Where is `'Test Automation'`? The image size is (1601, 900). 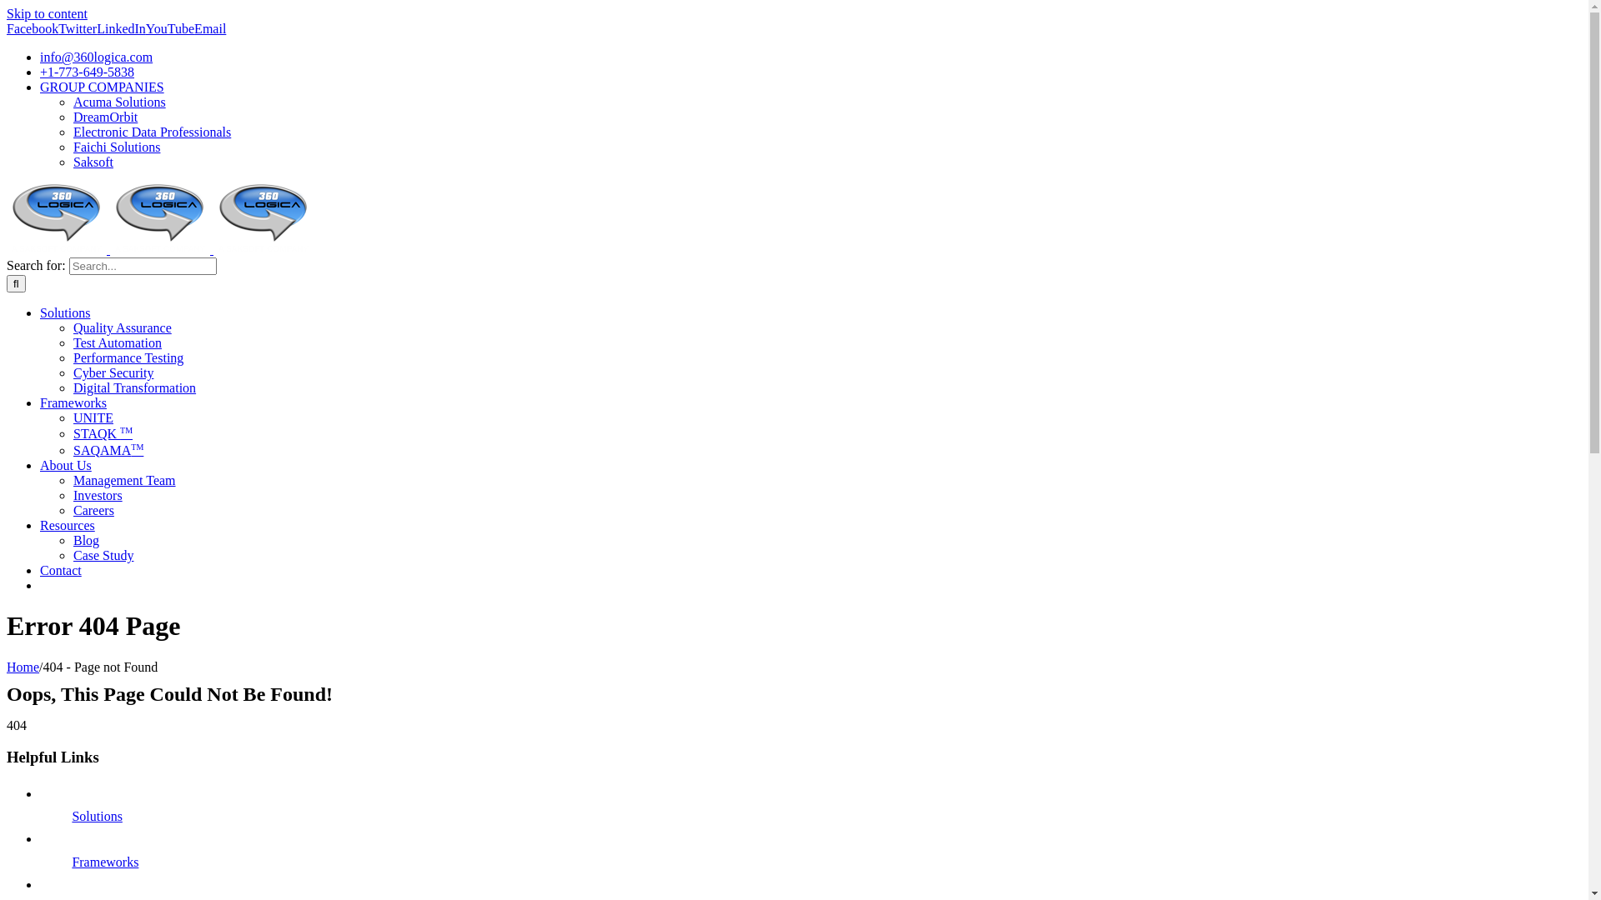 'Test Automation' is located at coordinates (116, 342).